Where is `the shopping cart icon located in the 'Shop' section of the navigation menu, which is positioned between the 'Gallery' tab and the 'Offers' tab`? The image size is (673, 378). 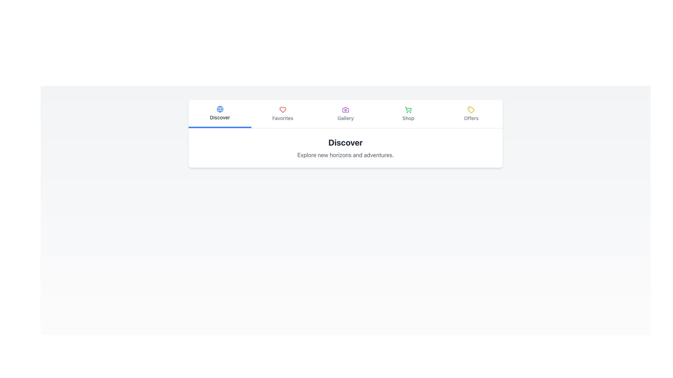 the shopping cart icon located in the 'Shop' section of the navigation menu, which is positioned between the 'Gallery' tab and the 'Offers' tab is located at coordinates (408, 109).